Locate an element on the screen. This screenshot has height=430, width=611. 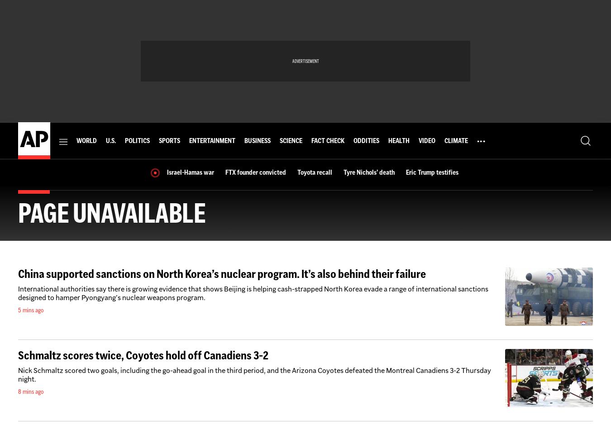
'Fact Check' is located at coordinates (327, 140).